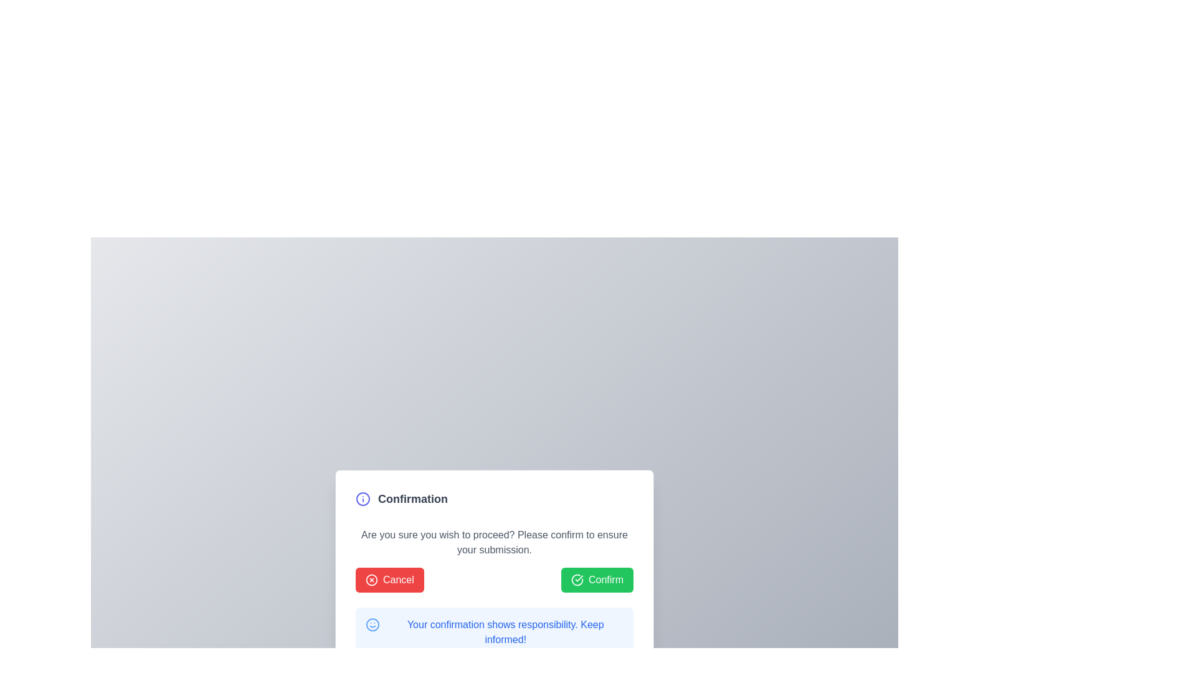 The image size is (1196, 673). What do you see at coordinates (493, 632) in the screenshot?
I see `message from the blue informational banner or alert box containing the text 'Your confirmation shows responsibility. Keep informed!'` at bounding box center [493, 632].